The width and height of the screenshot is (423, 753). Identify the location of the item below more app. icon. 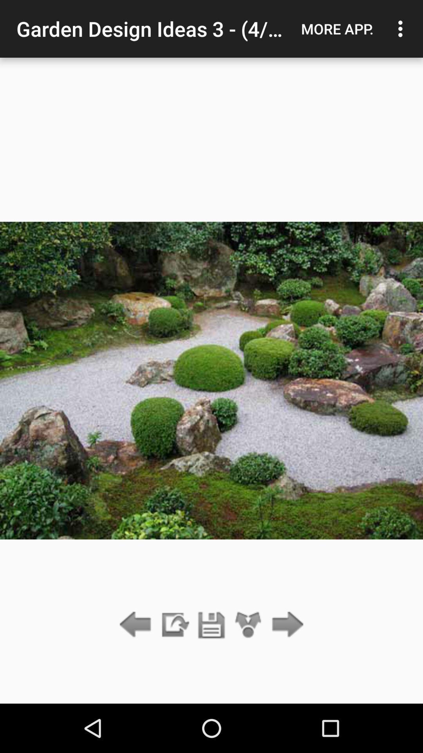
(286, 625).